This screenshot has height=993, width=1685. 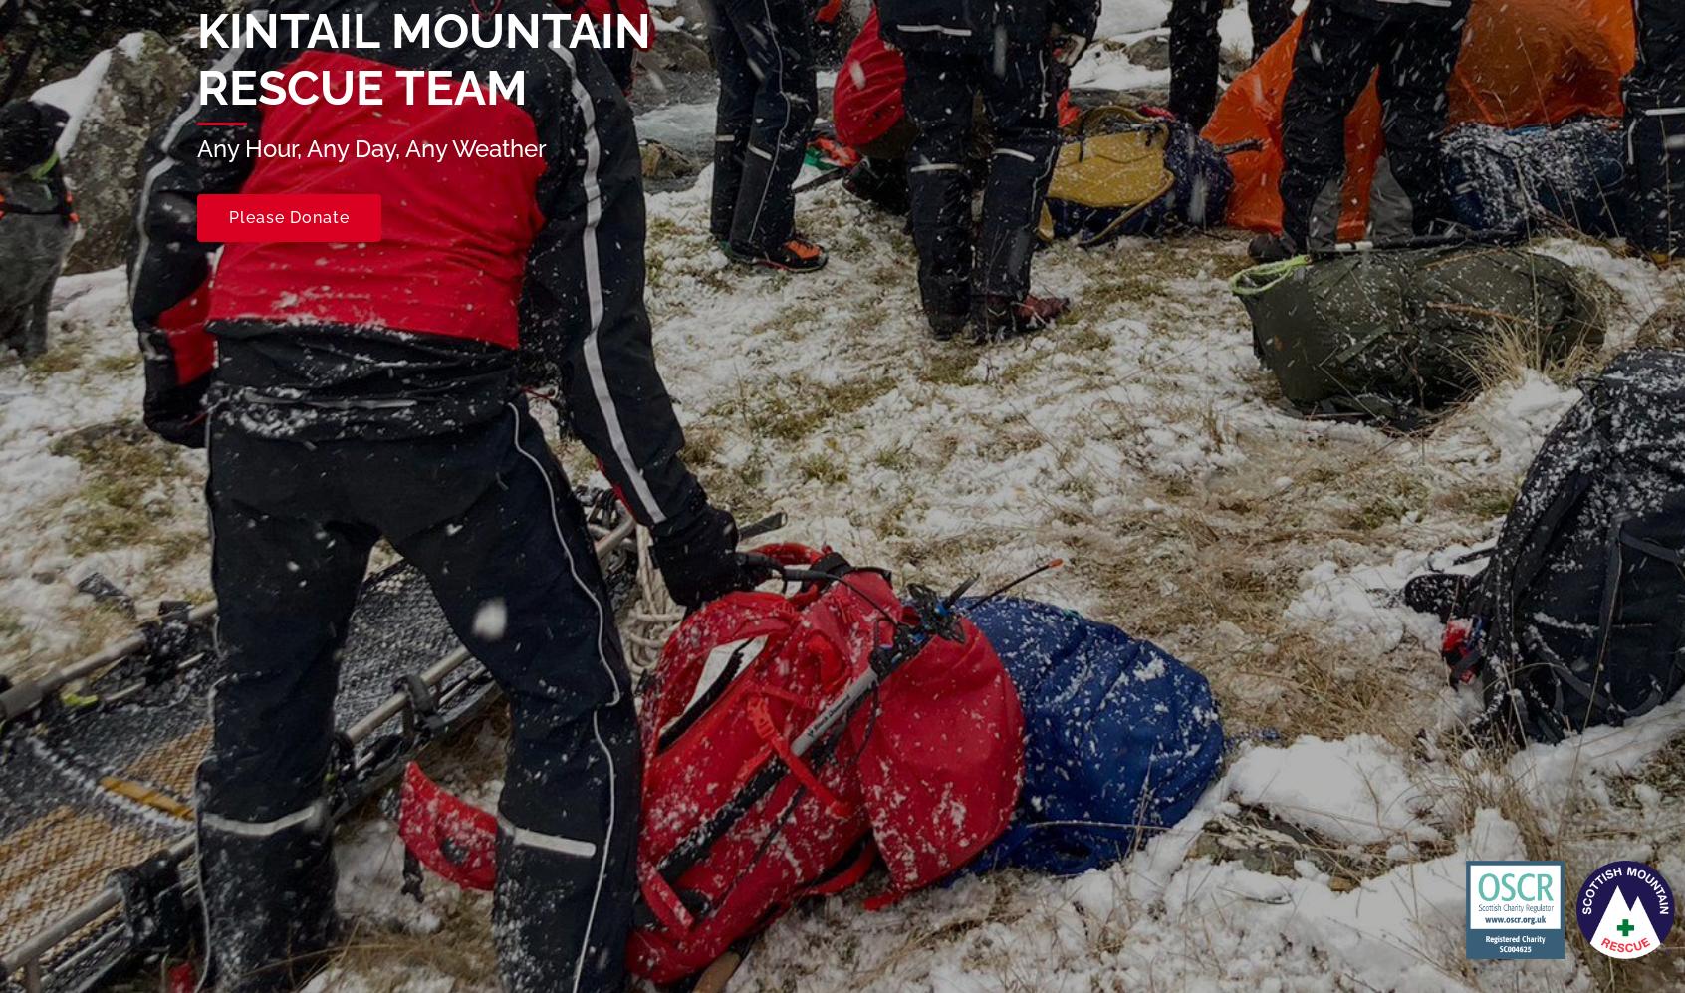 I want to click on 'Useful Links', so click(x=572, y=651).